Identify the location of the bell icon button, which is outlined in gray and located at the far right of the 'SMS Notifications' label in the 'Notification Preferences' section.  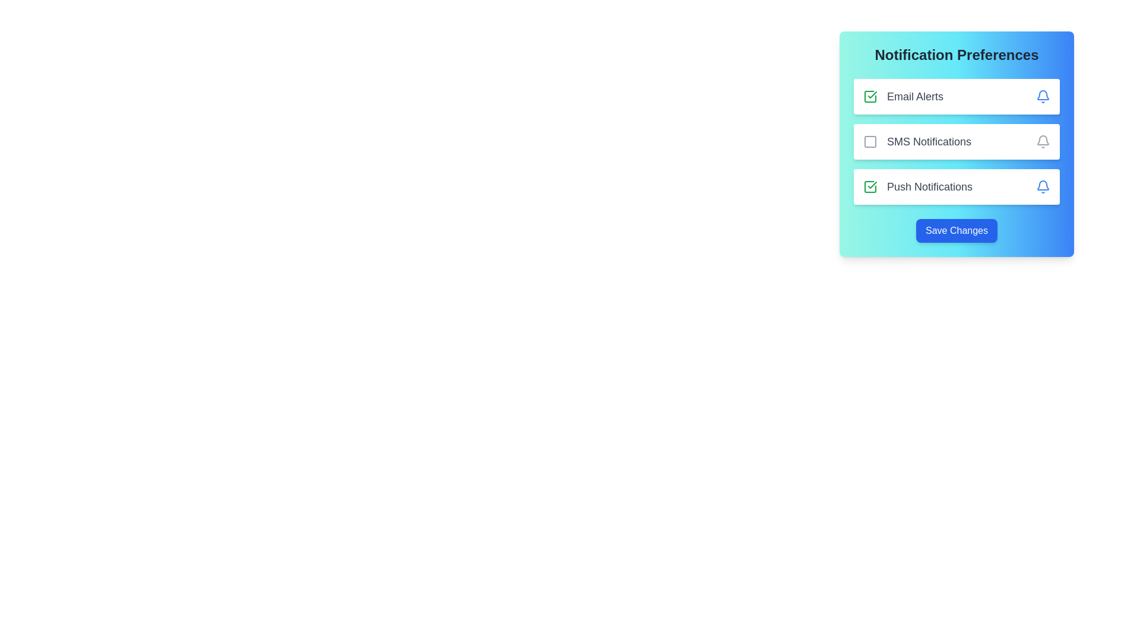
(1042, 141).